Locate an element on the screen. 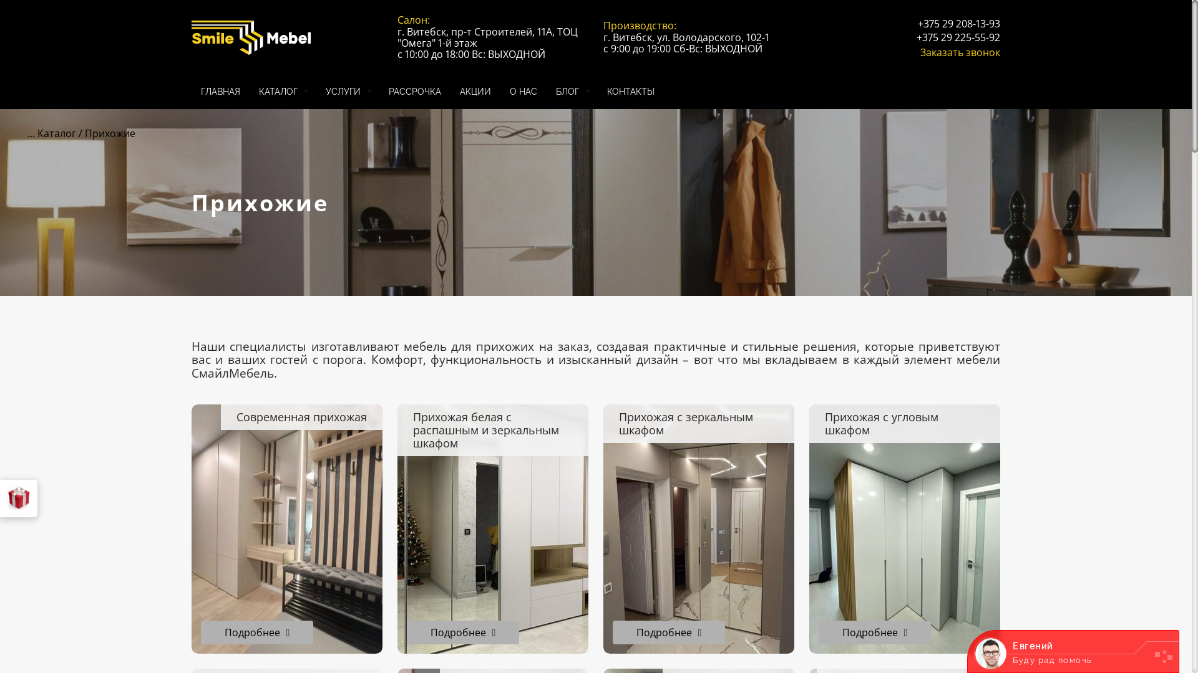 This screenshot has width=1198, height=673. '+375 29 208-13-93' is located at coordinates (958, 24).